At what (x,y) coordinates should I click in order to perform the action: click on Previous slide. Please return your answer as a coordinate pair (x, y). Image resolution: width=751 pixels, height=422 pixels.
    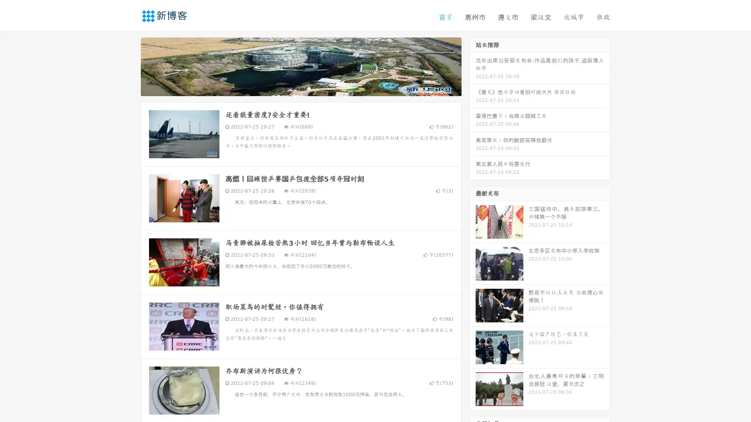
    Looking at the image, I should click on (129, 66).